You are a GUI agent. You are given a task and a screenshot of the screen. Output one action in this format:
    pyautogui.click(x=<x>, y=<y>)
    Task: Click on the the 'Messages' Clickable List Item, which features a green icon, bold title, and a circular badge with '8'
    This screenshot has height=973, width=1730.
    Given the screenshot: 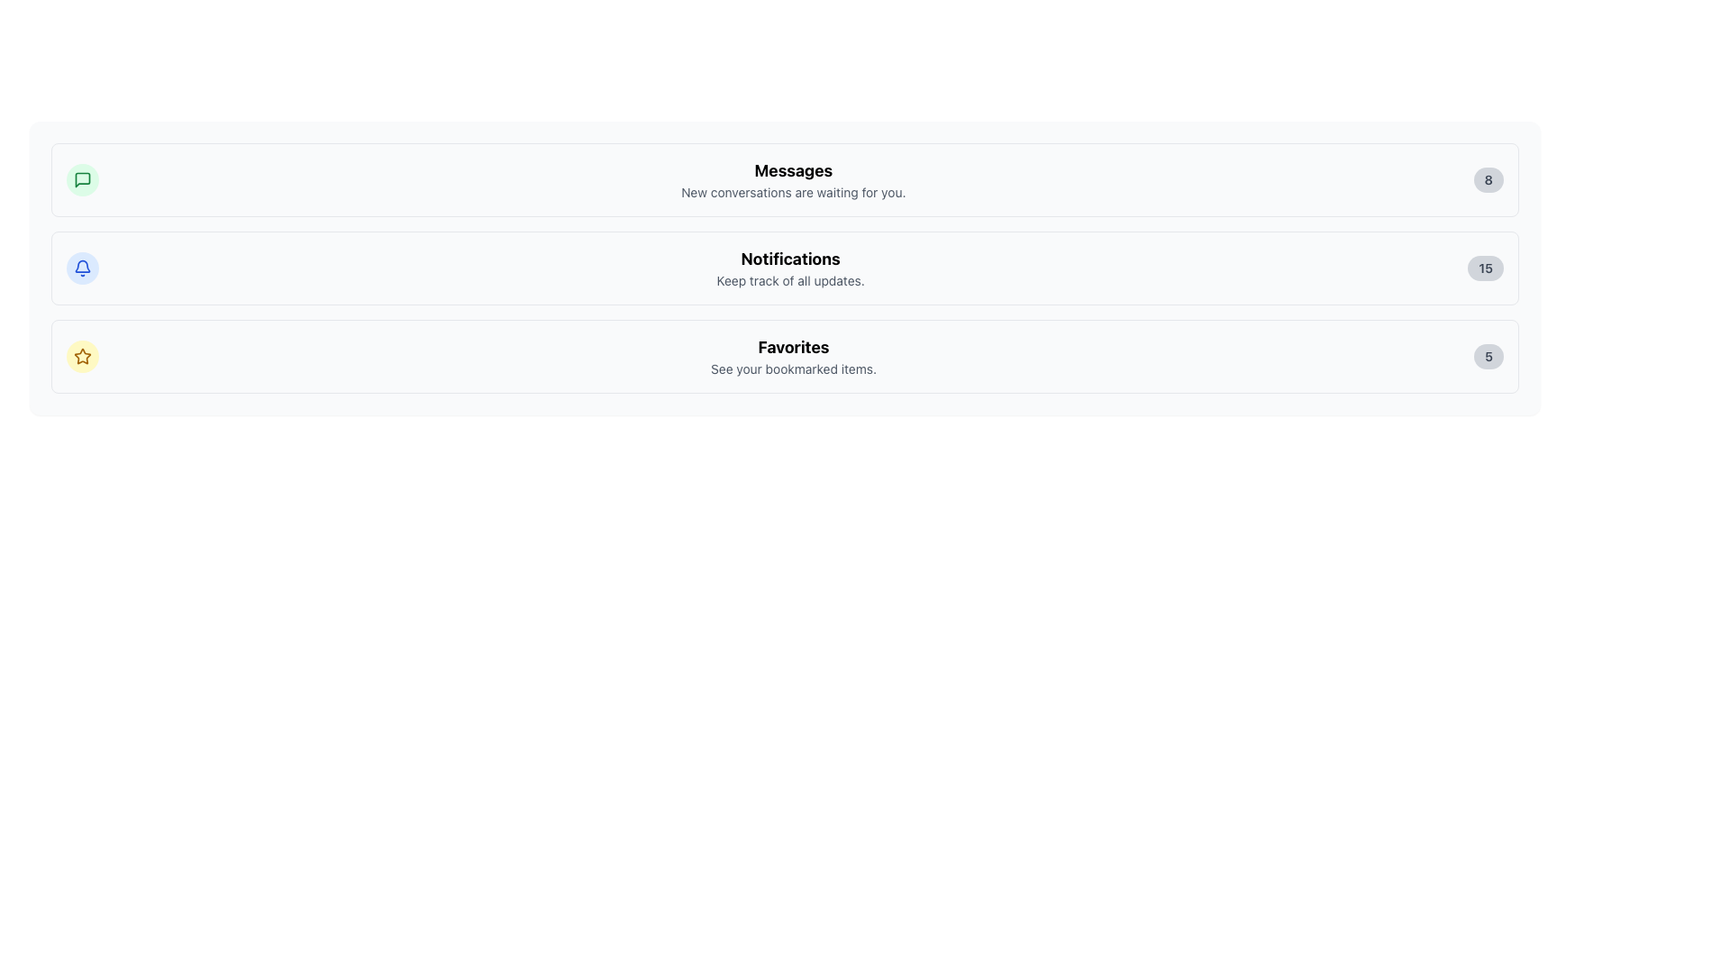 What is the action you would take?
    pyautogui.click(x=785, y=180)
    